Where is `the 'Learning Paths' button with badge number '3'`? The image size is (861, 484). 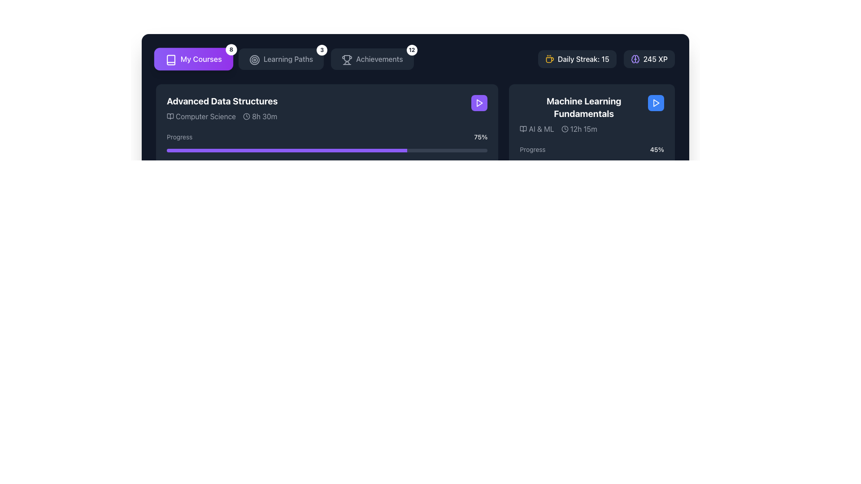
the 'Learning Paths' button with badge number '3' is located at coordinates (281, 59).